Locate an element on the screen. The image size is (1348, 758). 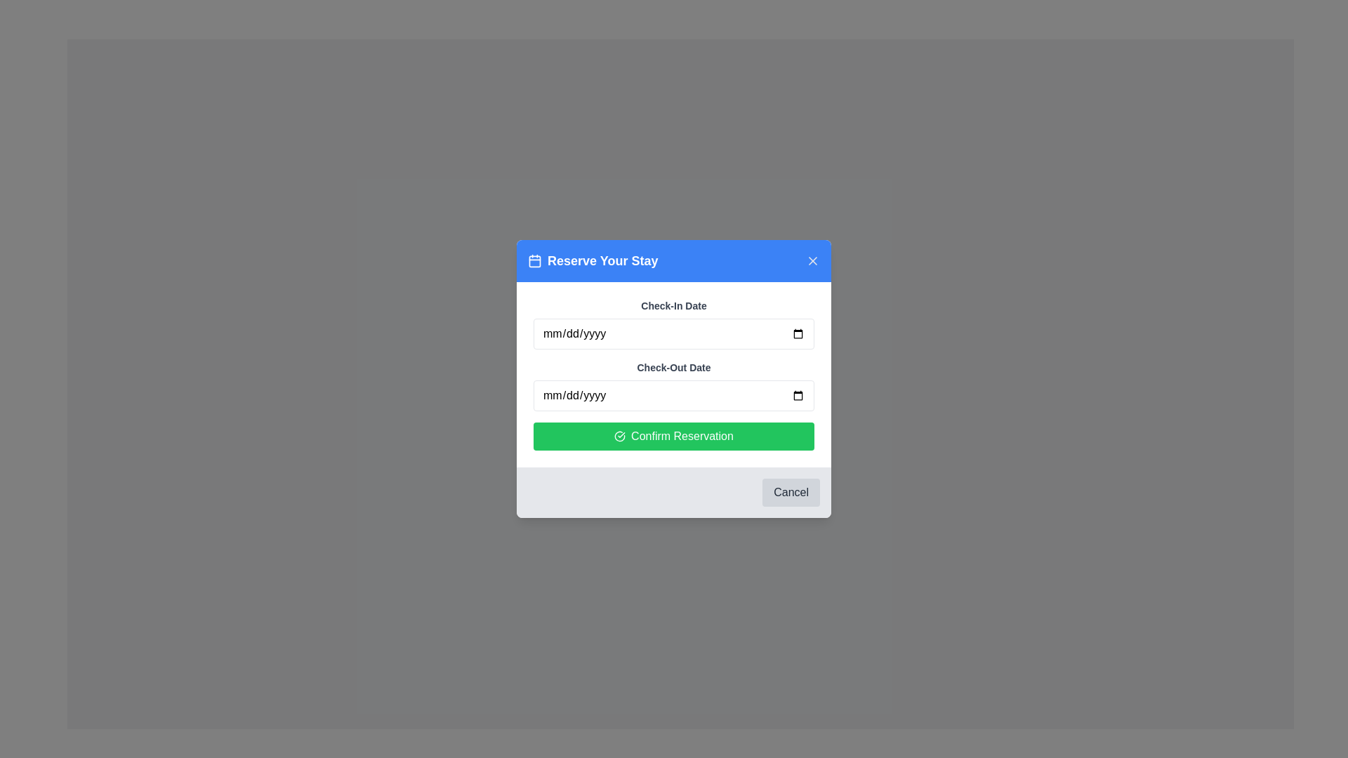
the 'Check-Out Date' label, which is a bold dark gray text element positioned within the 'Reserve Your Stay' modal, located below the 'Check-In Date' label and above the date input field is located at coordinates (674, 367).